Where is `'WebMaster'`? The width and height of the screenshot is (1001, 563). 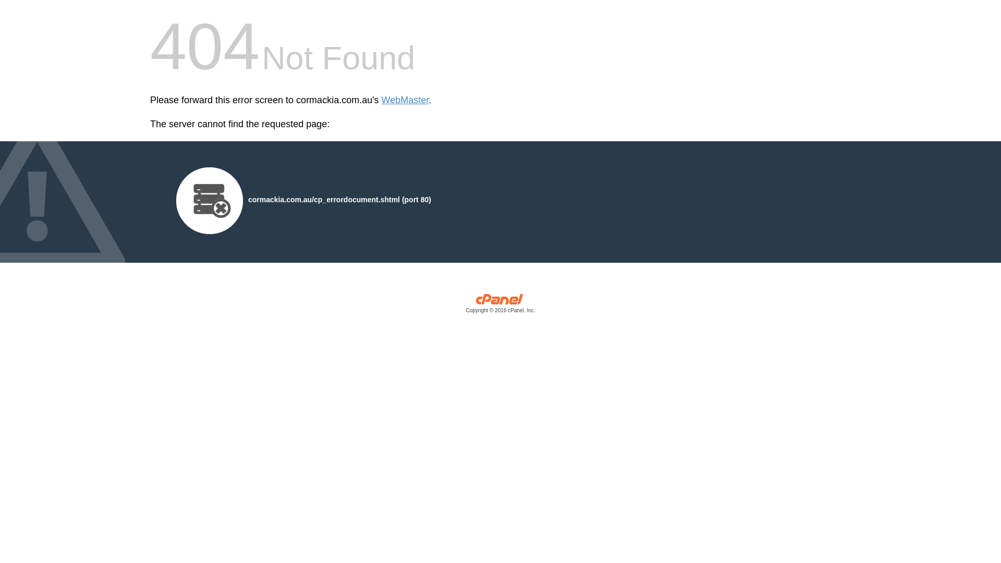 'WebMaster' is located at coordinates (405, 100).